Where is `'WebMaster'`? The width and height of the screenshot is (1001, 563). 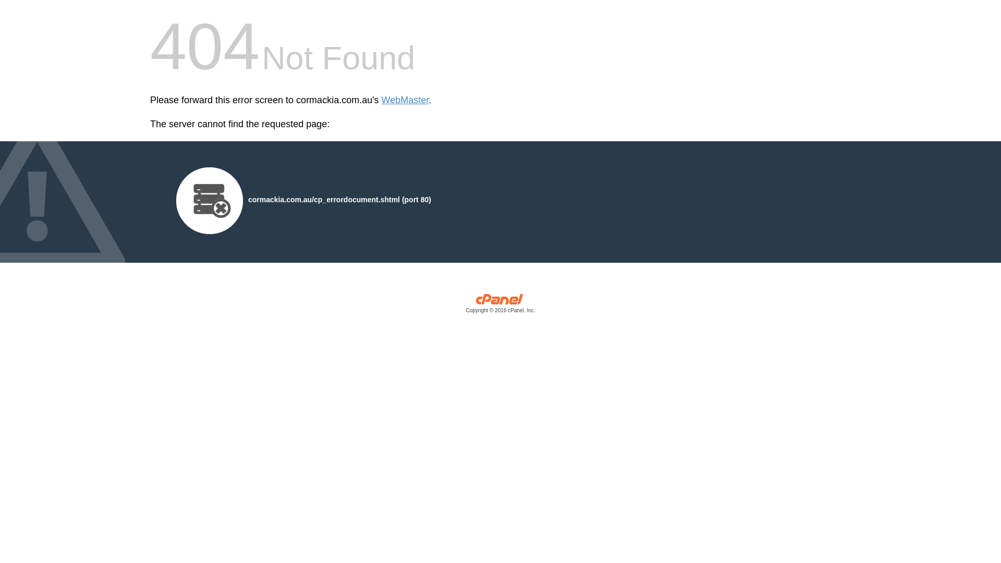 'WebMaster' is located at coordinates (405, 100).